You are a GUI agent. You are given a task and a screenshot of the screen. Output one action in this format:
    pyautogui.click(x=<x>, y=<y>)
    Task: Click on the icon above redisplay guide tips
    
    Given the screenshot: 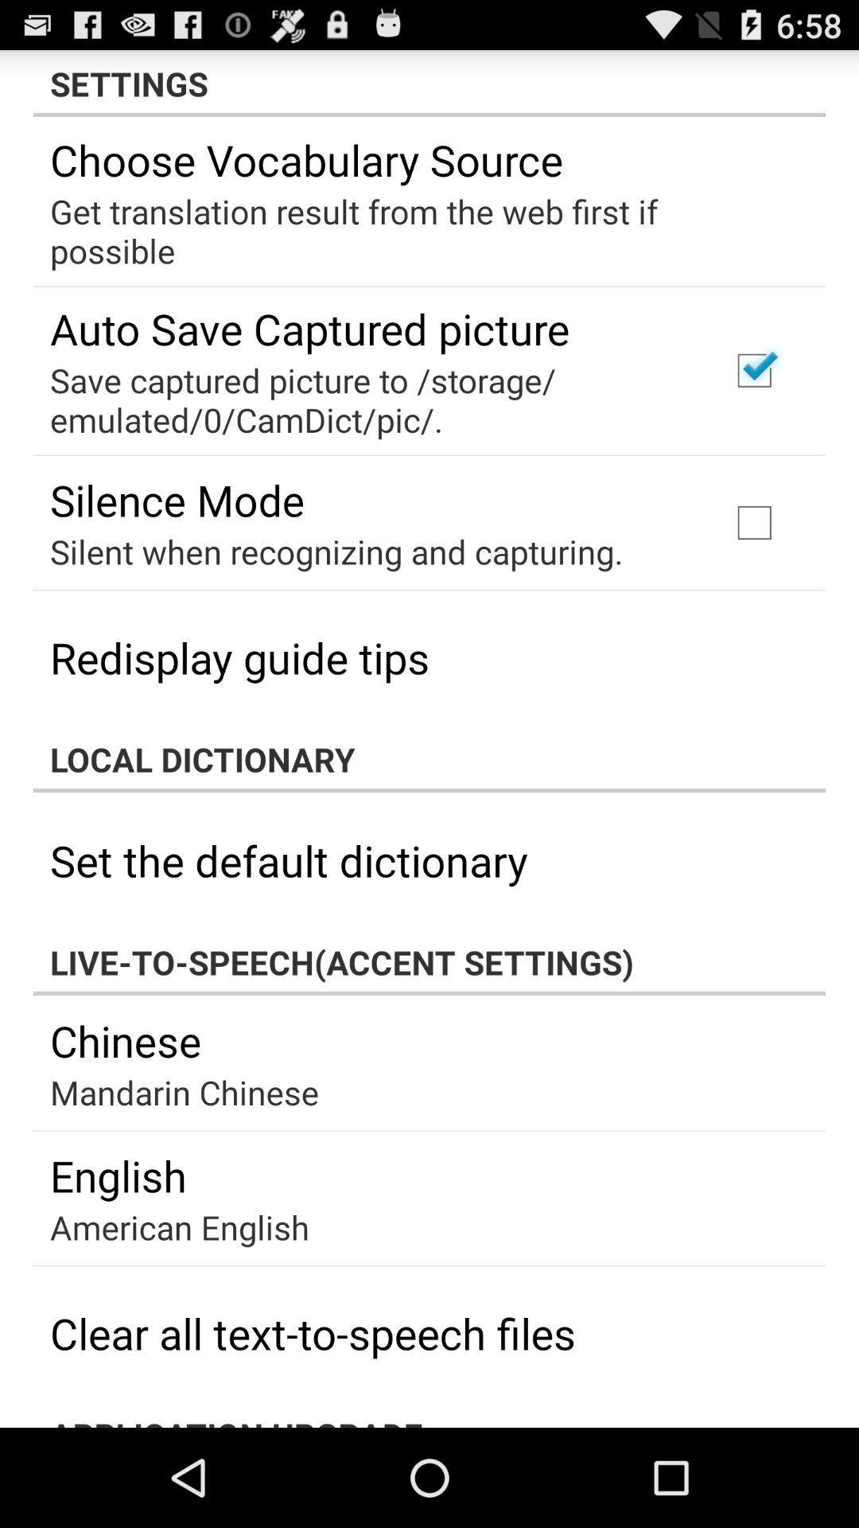 What is the action you would take?
    pyautogui.click(x=336, y=551)
    